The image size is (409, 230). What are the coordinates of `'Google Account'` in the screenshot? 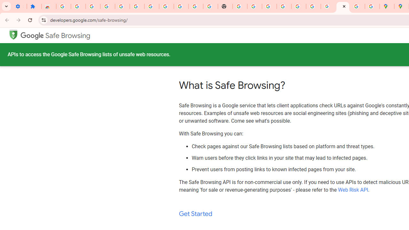 It's located at (181, 6).